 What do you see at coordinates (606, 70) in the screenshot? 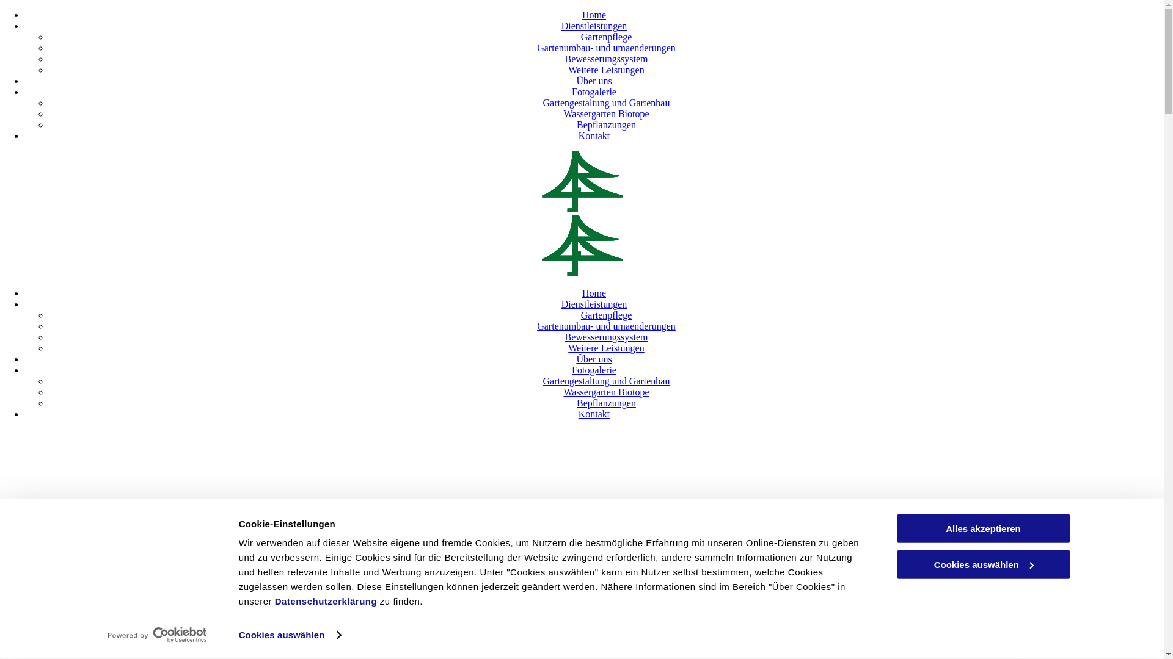
I see `'Weitere Leistungen'` at bounding box center [606, 70].